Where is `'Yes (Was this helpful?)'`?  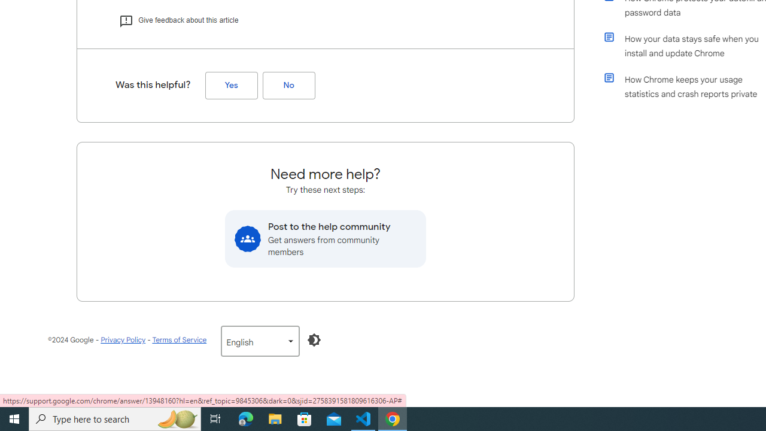
'Yes (Was this helpful?)' is located at coordinates (231, 85).